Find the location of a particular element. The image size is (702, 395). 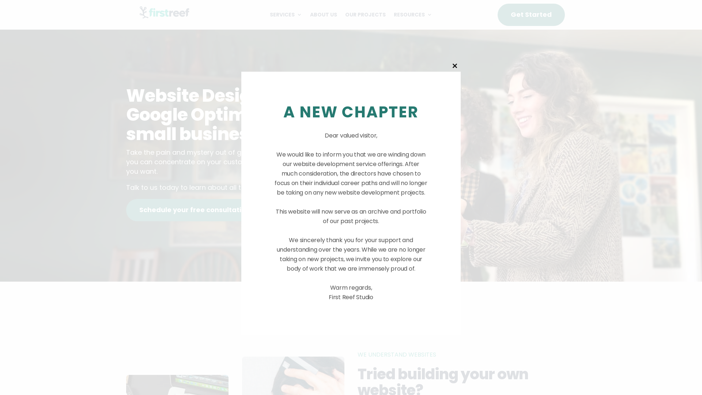

'ABOUT US' is located at coordinates (323, 16).